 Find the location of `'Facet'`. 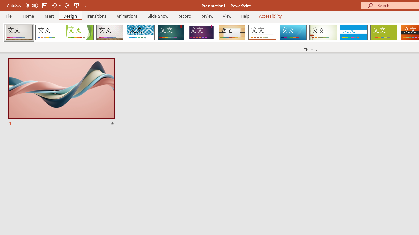

'Facet' is located at coordinates (79, 33).